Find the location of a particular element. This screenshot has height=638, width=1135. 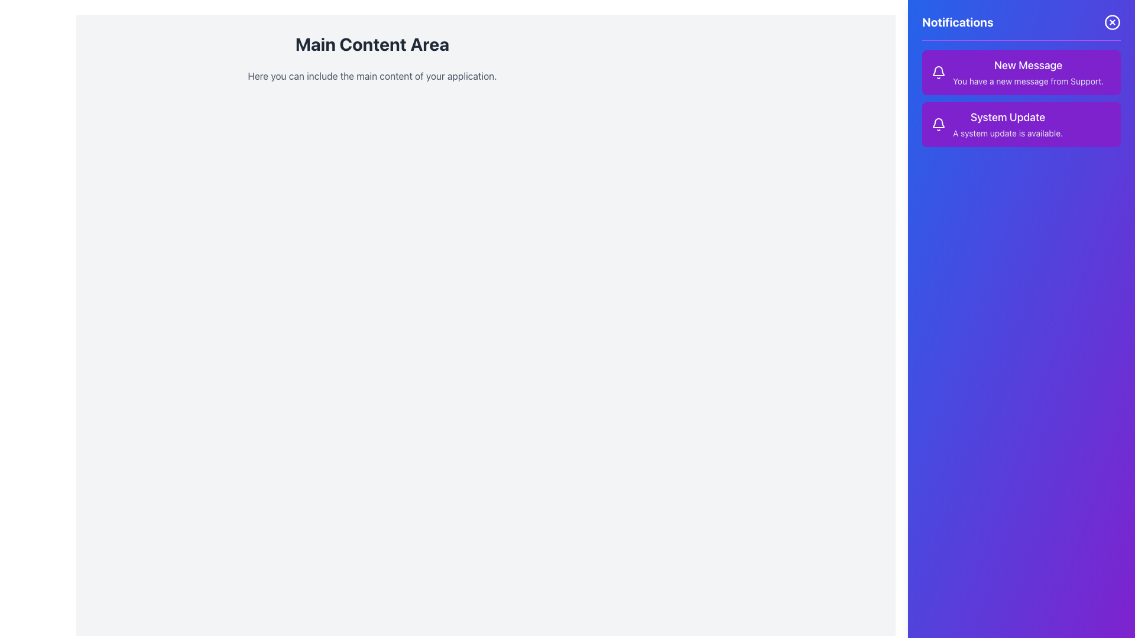

the SVG Circle element outlined in white on a blue background, located in the top-right corner of the notification sidebar is located at coordinates (1111, 22).